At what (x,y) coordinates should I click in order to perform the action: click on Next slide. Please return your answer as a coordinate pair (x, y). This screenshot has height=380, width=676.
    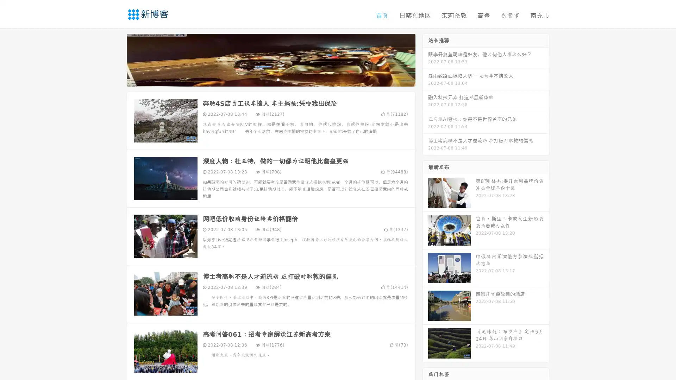
    Looking at the image, I should click on (425, 59).